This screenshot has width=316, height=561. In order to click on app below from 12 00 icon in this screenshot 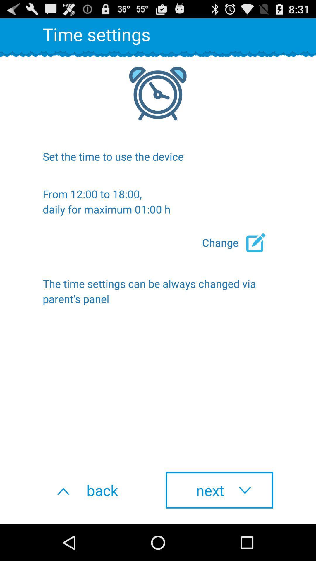, I will do `click(238, 243)`.